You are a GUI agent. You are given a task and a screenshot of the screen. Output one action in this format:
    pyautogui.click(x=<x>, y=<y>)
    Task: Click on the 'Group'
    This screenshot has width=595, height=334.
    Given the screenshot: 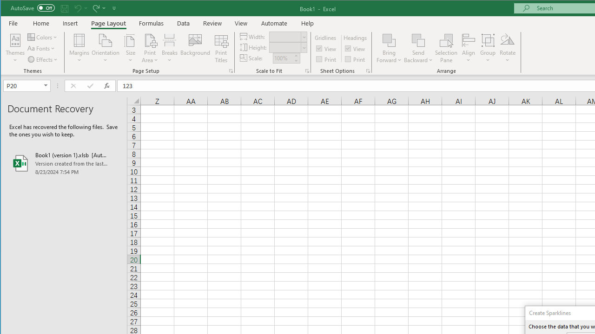 What is the action you would take?
    pyautogui.click(x=488, y=48)
    